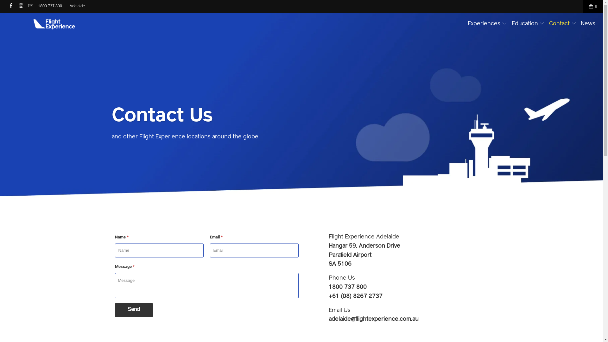  I want to click on 'Contact', so click(548, 24).